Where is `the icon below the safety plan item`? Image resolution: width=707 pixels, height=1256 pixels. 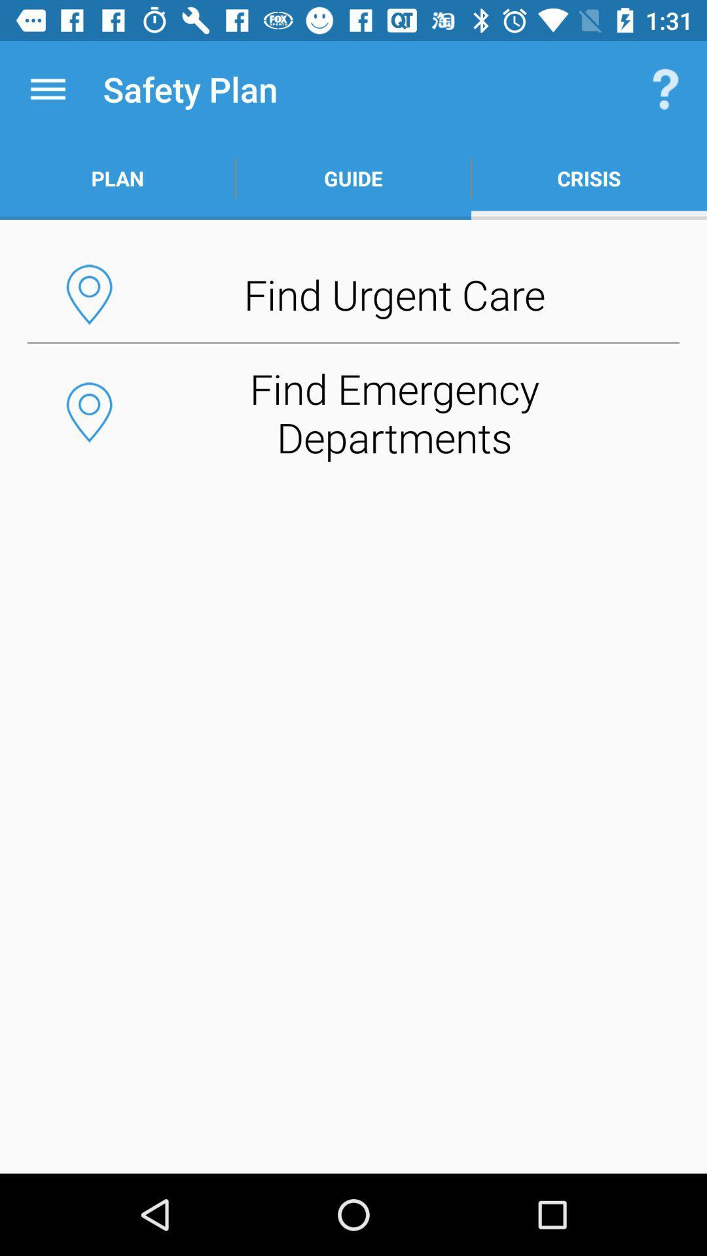
the icon below the safety plan item is located at coordinates (353, 178).